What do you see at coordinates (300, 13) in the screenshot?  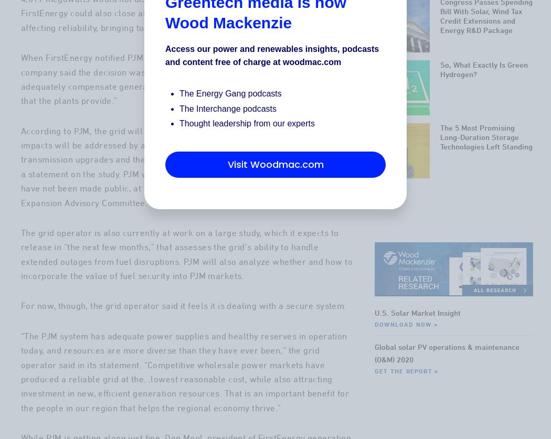 I see `'FirstEnergy'` at bounding box center [300, 13].